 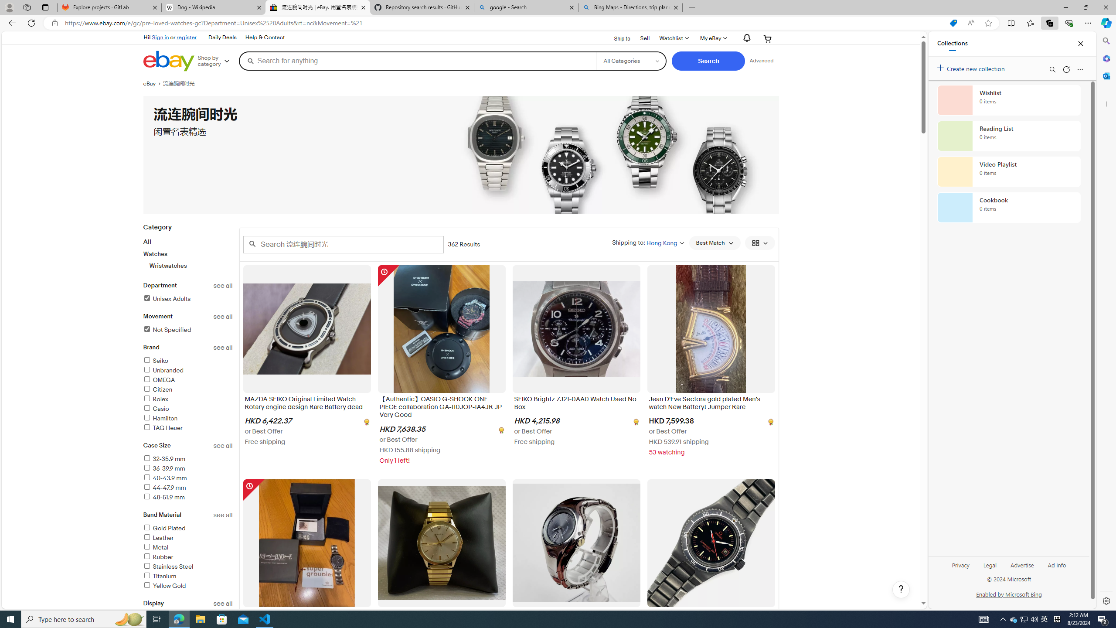 What do you see at coordinates (188, 253) in the screenshot?
I see `'AllWatchesWristwatches'` at bounding box center [188, 253].